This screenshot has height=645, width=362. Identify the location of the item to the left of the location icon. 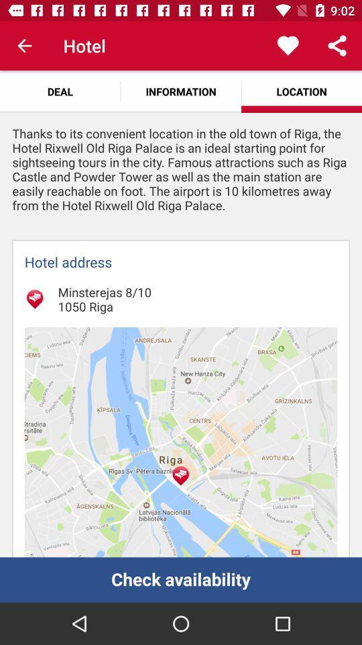
(181, 91).